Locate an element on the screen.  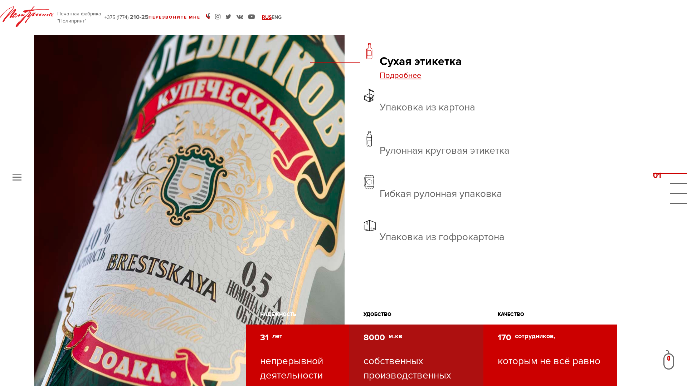
'+375 (1774) 210-25' is located at coordinates (126, 17).